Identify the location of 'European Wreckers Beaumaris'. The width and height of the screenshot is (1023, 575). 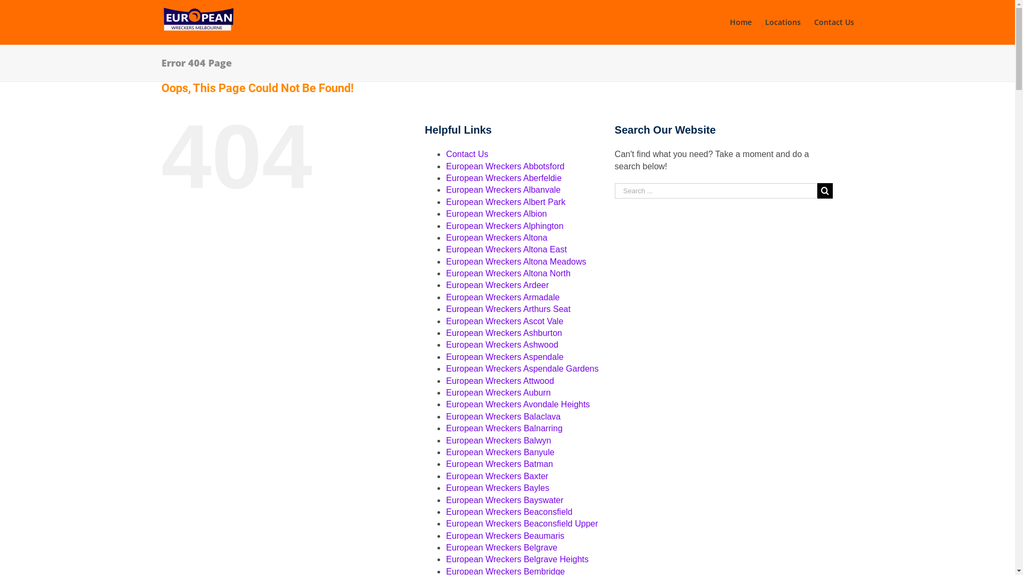
(504, 536).